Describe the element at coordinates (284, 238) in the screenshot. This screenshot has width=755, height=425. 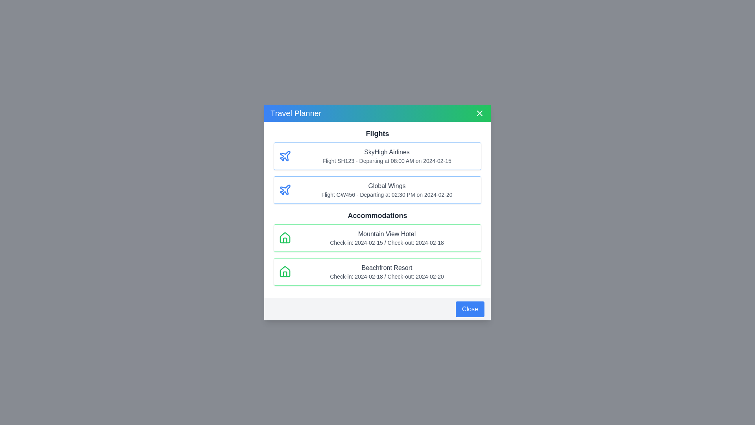
I see `the green house icon located to the left of the textual information about the Mountain View Hotel in the Accommodations section of the dialog box` at that location.